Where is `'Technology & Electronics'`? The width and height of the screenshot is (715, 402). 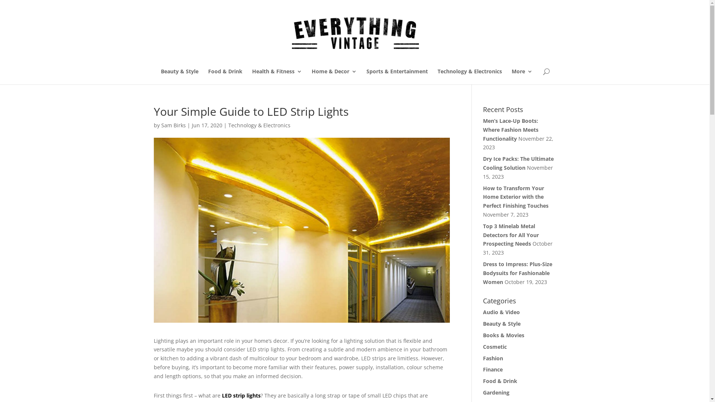
'Technology & Electronics' is located at coordinates (469, 76).